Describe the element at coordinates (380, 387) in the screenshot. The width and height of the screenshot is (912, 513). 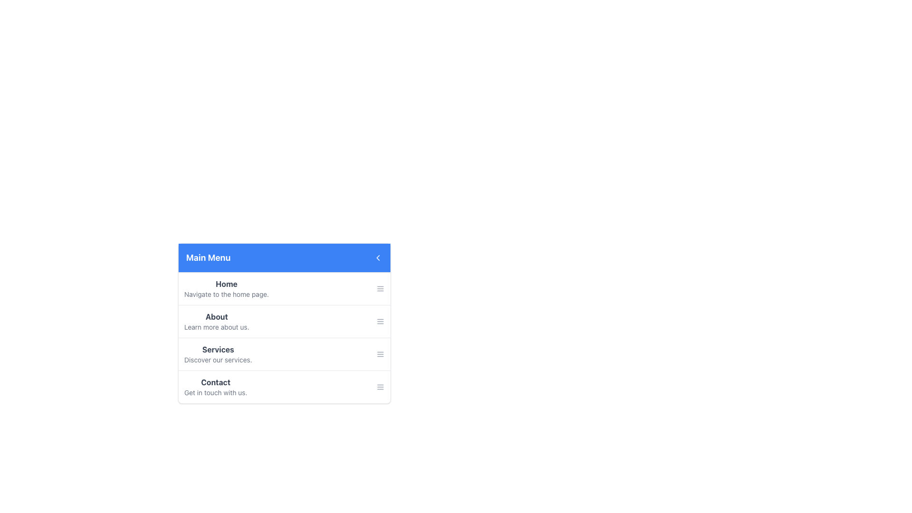
I see `the gray Menu Icon, which consists of three horizontal lines, located on the right-hand side of the 'Contact' row in the vertical menu list, adjacent to 'Get in touch with us.'` at that location.